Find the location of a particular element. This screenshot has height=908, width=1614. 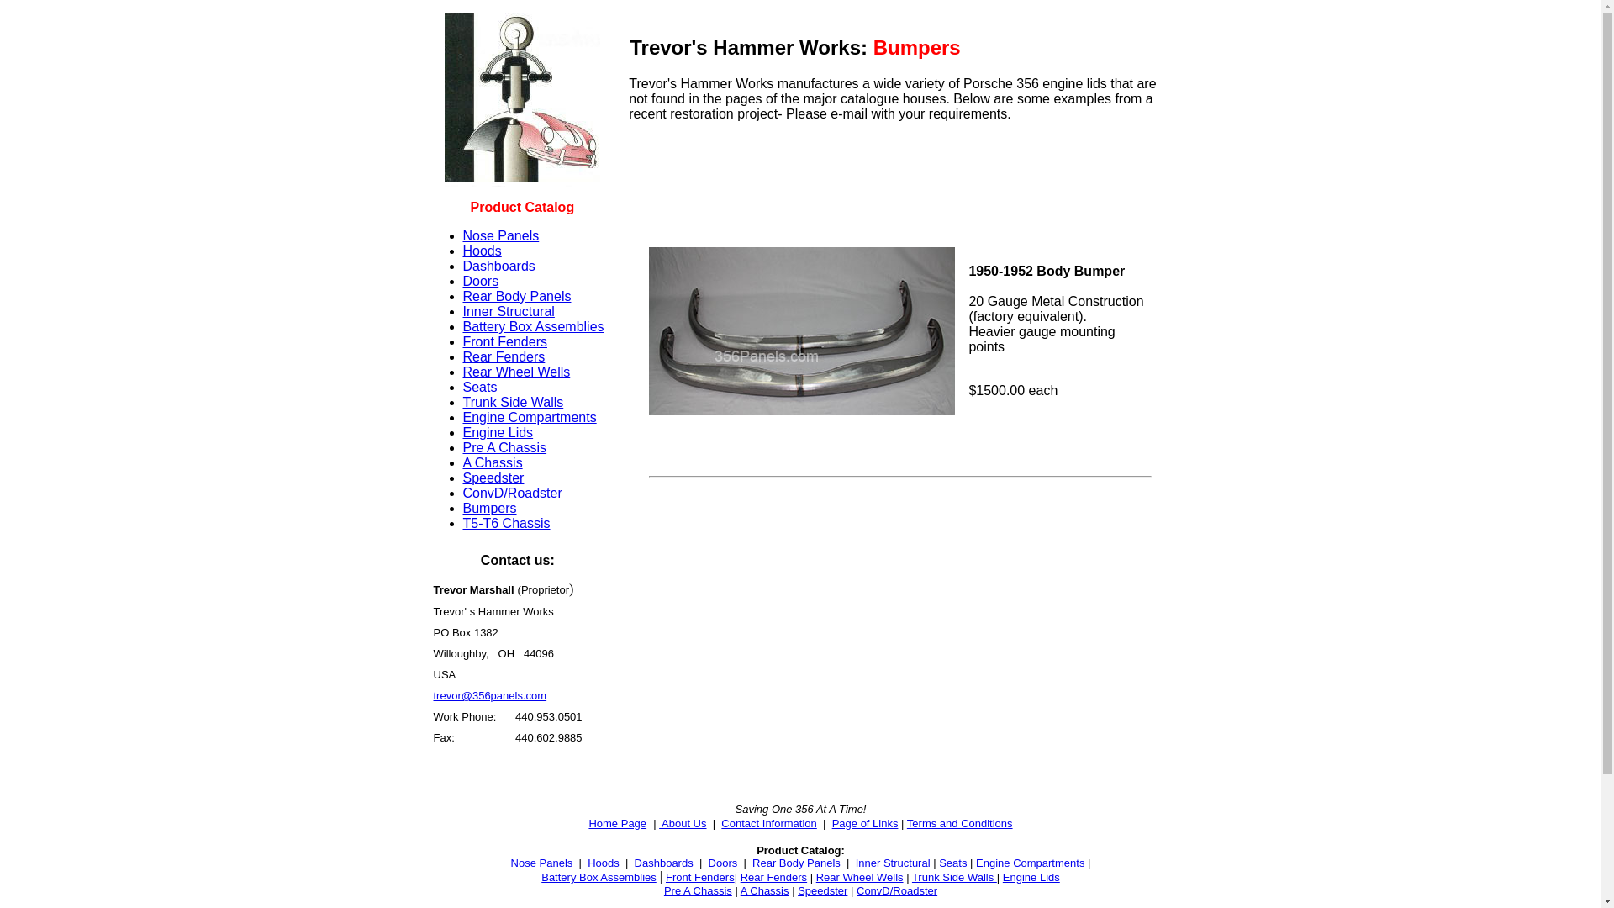

'About Us' is located at coordinates (682, 822).